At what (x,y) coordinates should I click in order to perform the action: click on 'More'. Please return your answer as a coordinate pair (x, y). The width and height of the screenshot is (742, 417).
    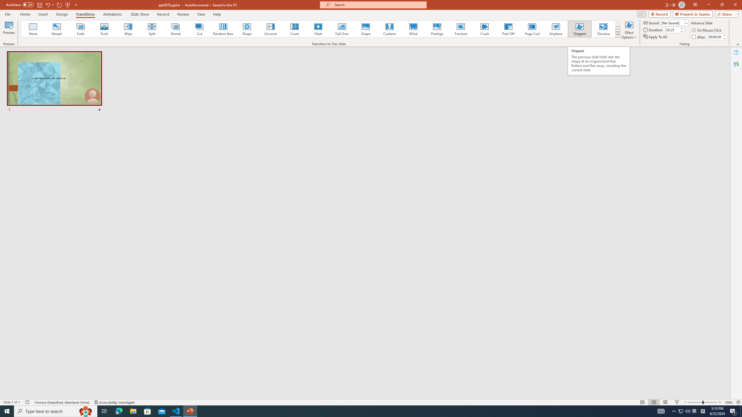
    Looking at the image, I should click on (724, 35).